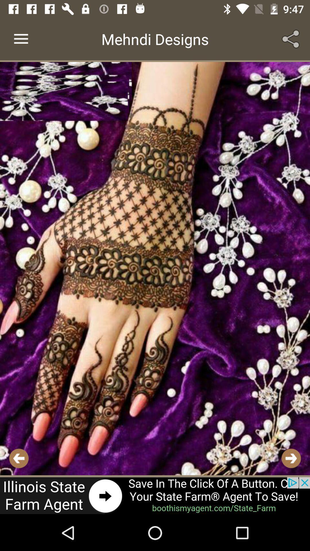 The height and width of the screenshot is (551, 310). I want to click on mehndi designs with next button, so click(155, 268).